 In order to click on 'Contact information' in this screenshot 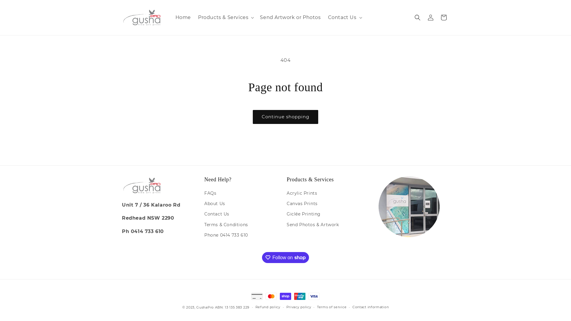, I will do `click(352, 307)`.